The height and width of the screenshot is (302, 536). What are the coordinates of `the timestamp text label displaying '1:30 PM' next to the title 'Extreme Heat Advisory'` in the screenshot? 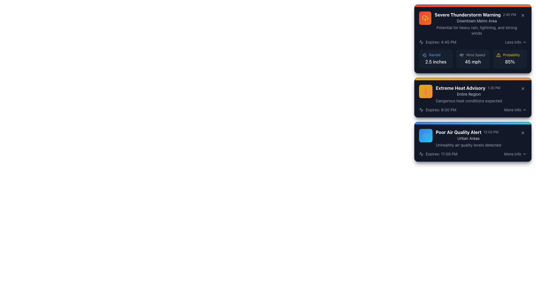 It's located at (494, 88).